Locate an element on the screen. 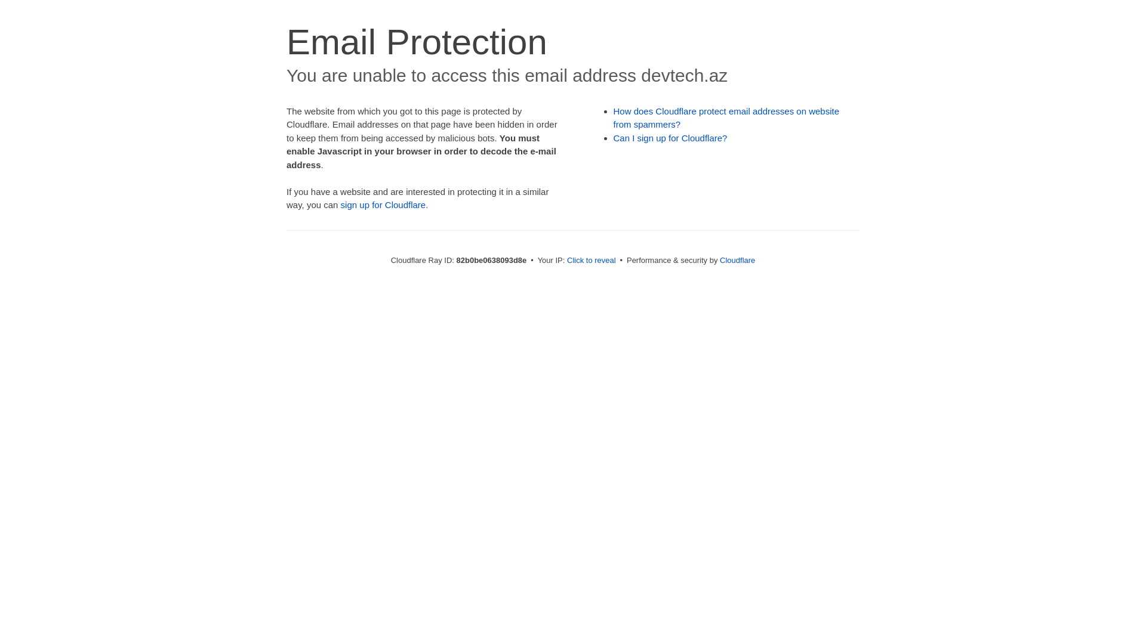 Image resolution: width=1146 pixels, height=644 pixels. 'sign up for Cloudflare' is located at coordinates (340, 204).